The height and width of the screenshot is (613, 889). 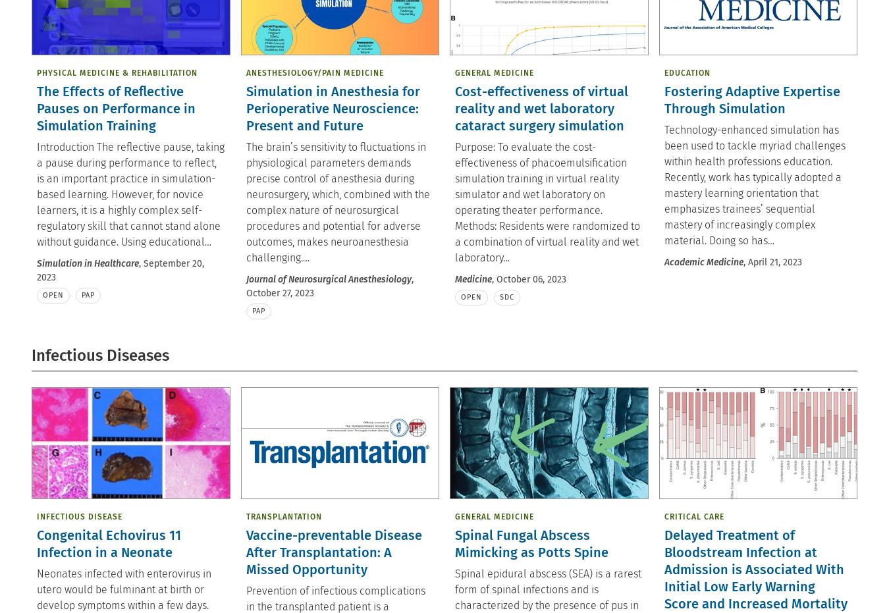 I want to click on 'Privacy Policy', so click(x=129, y=88).